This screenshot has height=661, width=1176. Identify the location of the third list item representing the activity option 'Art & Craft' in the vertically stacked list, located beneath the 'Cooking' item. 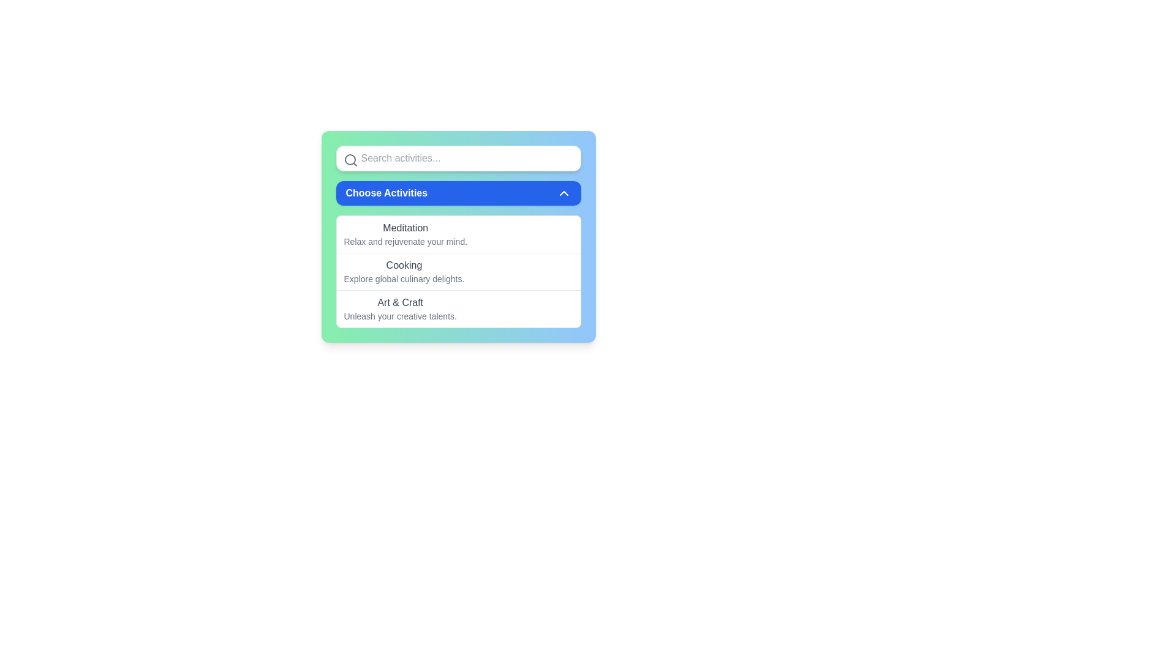
(458, 308).